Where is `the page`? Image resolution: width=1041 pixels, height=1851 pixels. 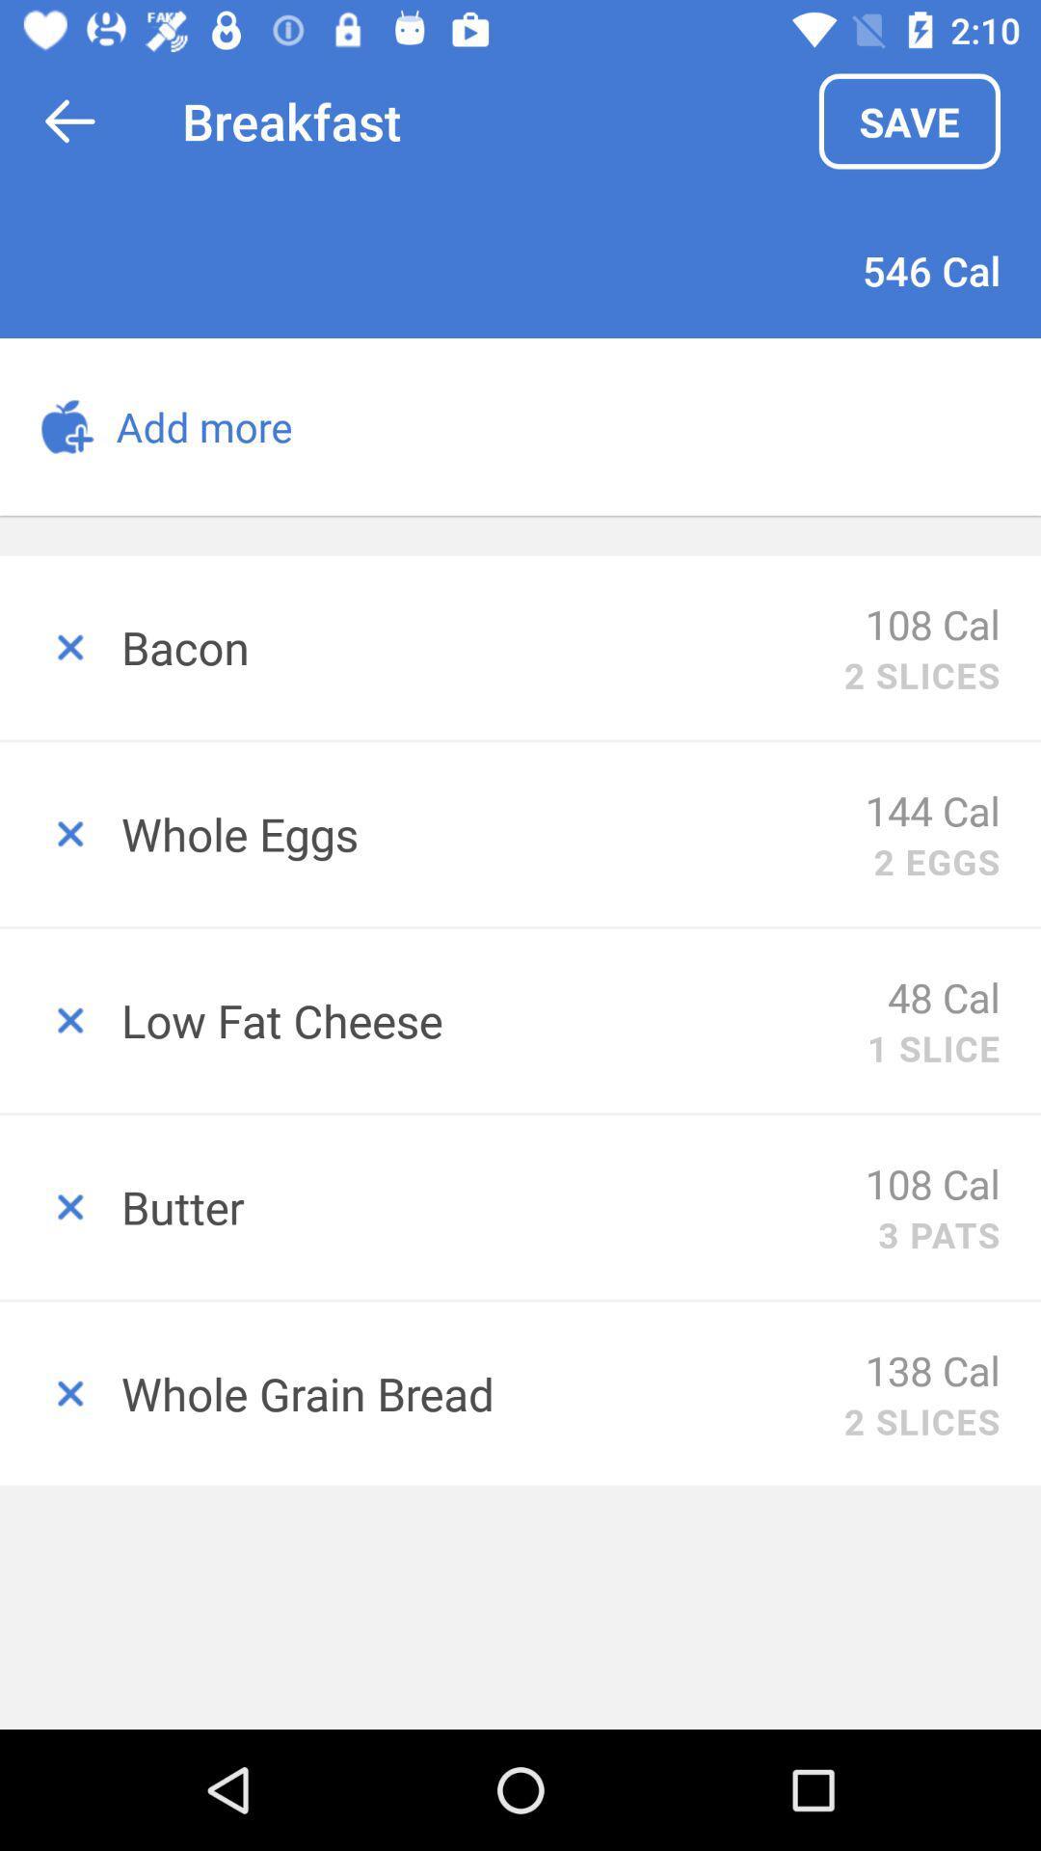 the page is located at coordinates (59, 1393).